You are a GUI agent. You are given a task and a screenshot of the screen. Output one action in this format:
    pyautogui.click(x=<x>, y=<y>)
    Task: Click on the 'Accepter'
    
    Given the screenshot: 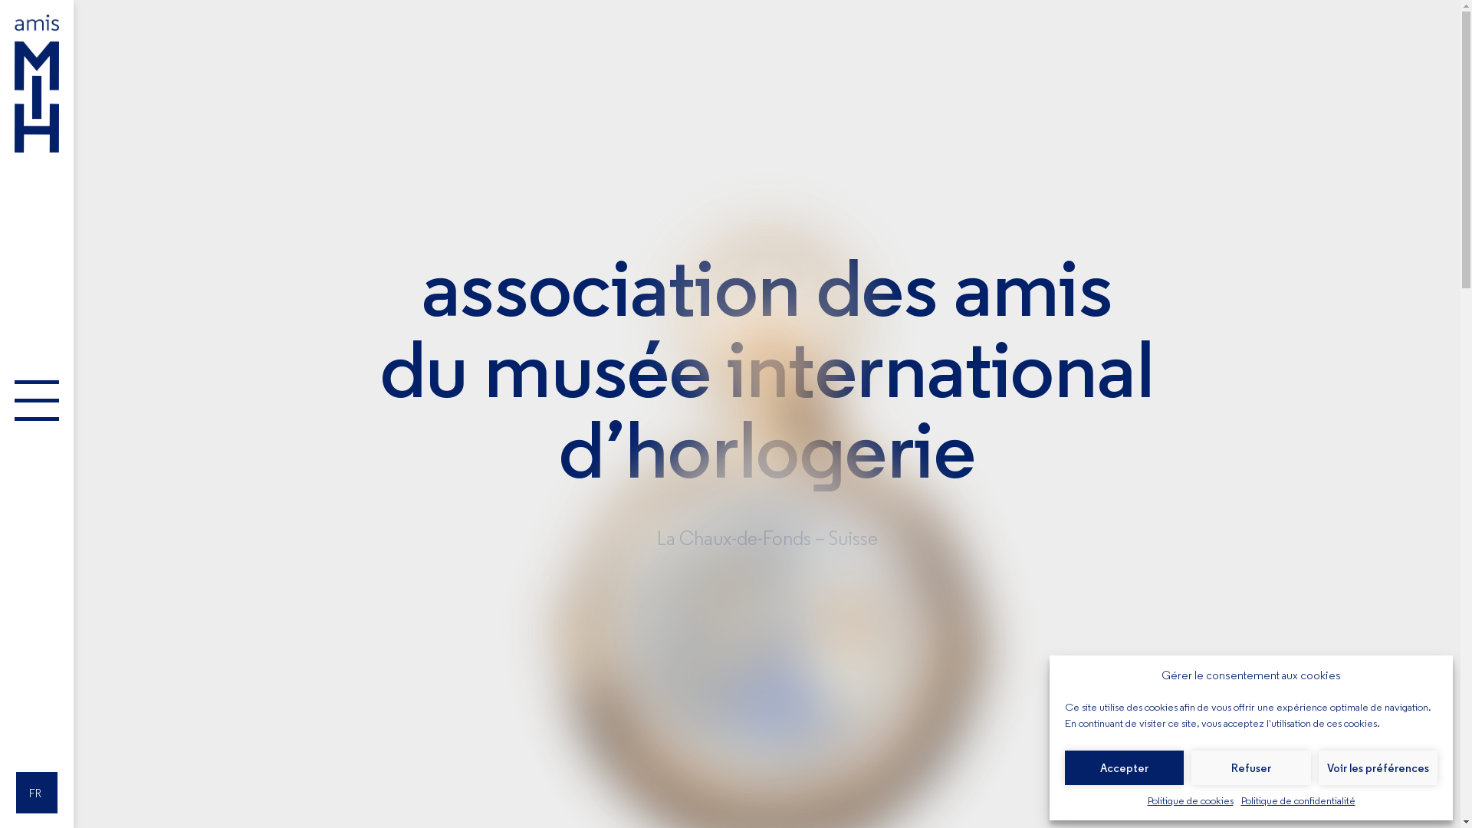 What is the action you would take?
    pyautogui.click(x=1124, y=767)
    